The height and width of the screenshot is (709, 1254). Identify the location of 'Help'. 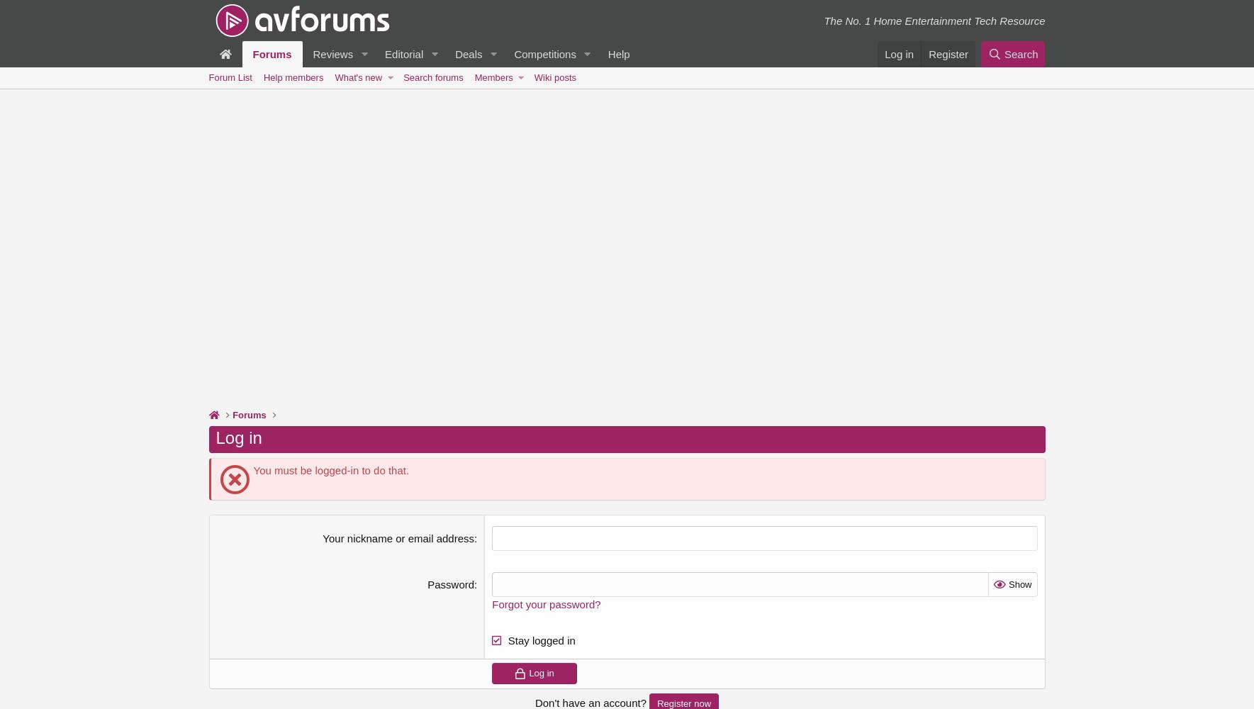
(617, 53).